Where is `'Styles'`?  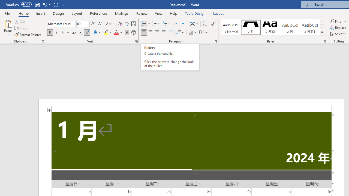
'Styles' is located at coordinates (322, 33).